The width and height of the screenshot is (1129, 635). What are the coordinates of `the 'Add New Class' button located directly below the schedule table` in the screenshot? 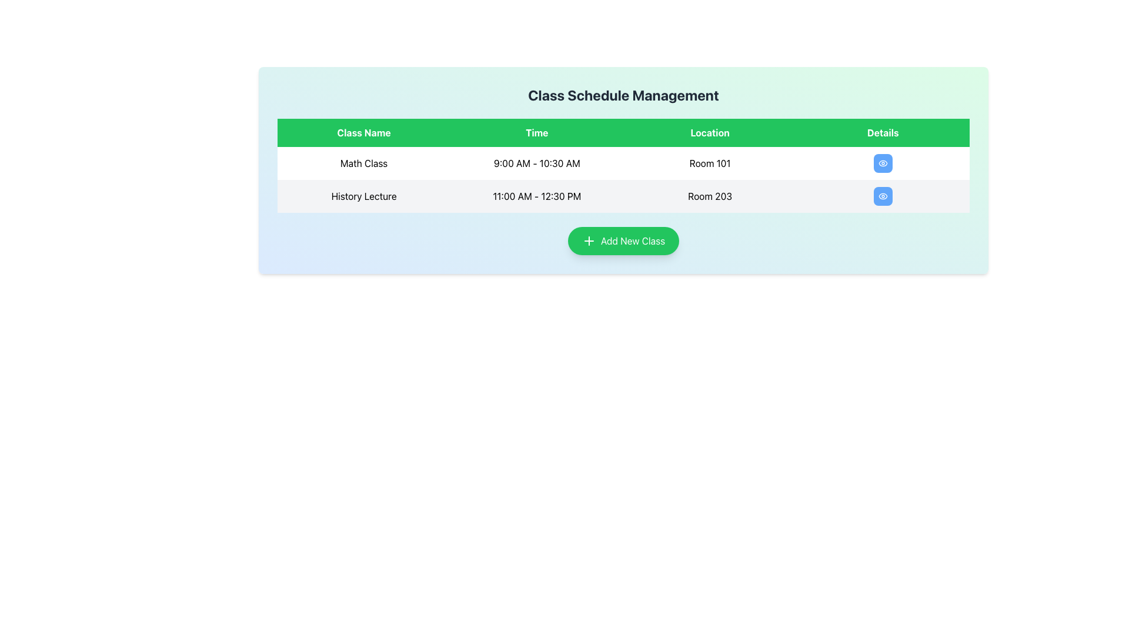 It's located at (623, 240).